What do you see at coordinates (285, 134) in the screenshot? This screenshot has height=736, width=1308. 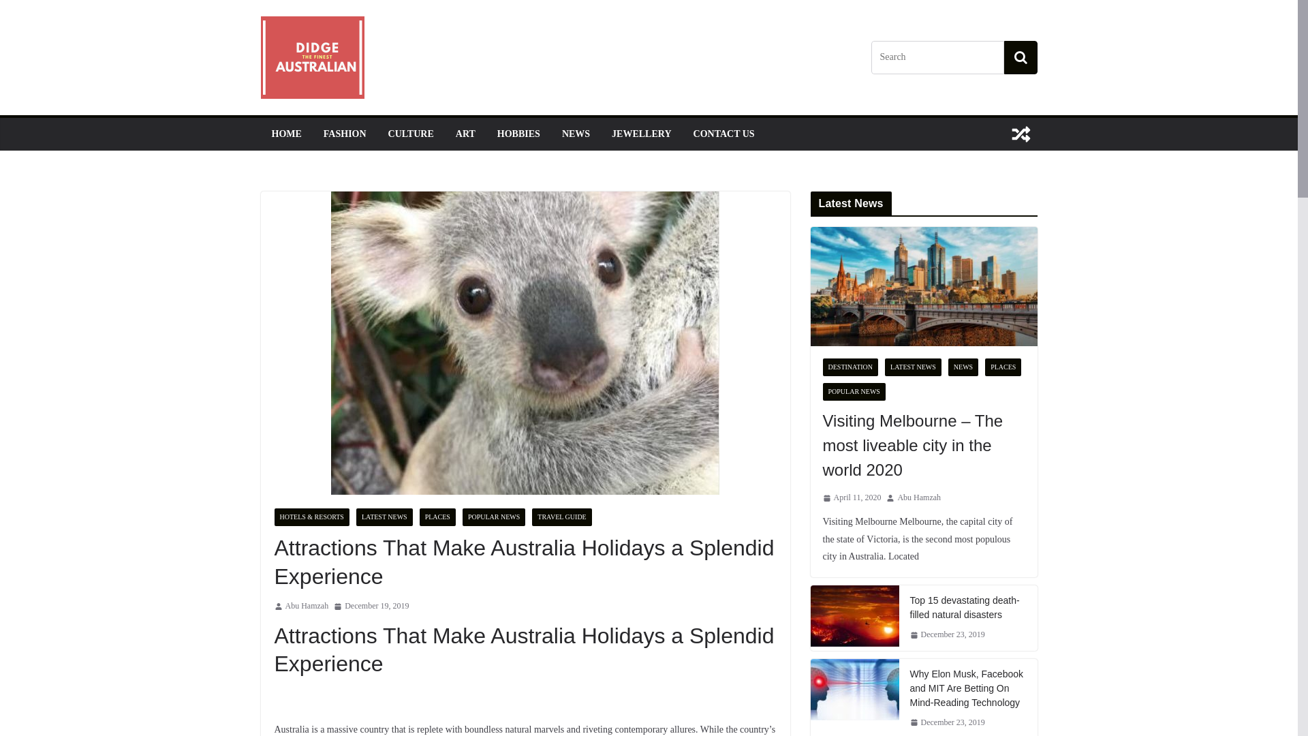 I see `'HOME'` at bounding box center [285, 134].